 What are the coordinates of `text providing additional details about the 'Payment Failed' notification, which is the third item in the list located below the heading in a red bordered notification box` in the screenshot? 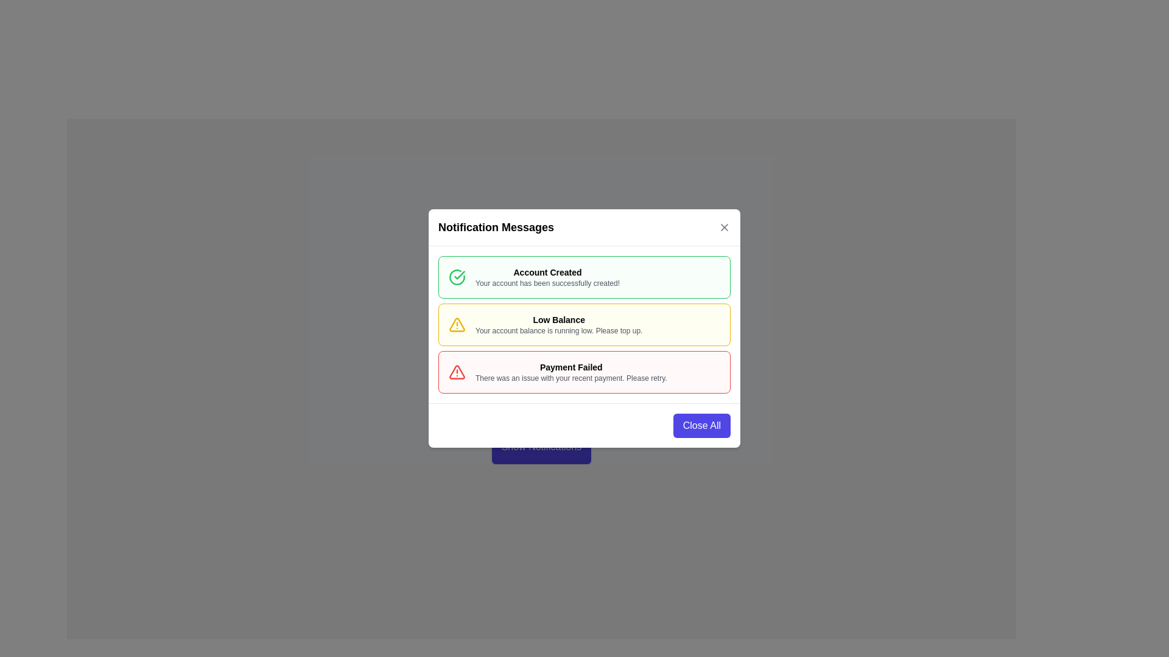 It's located at (570, 377).